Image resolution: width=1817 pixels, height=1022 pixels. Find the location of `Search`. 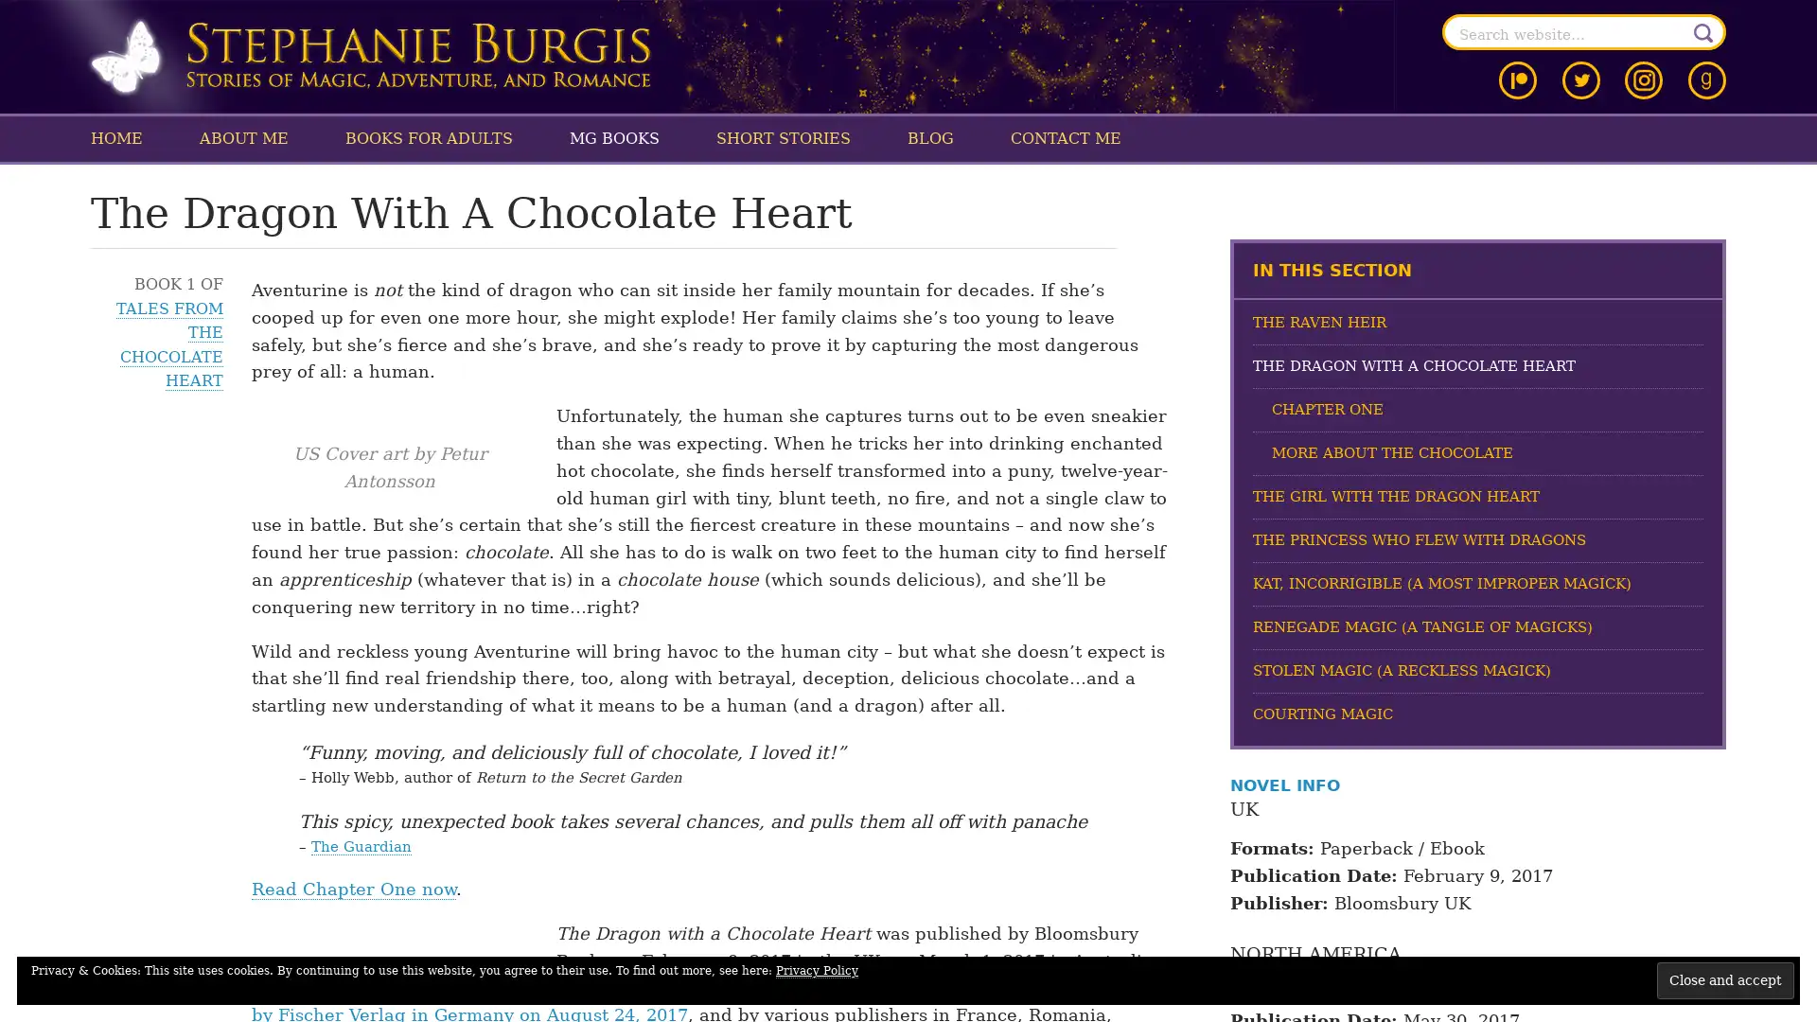

Search is located at coordinates (1703, 32).